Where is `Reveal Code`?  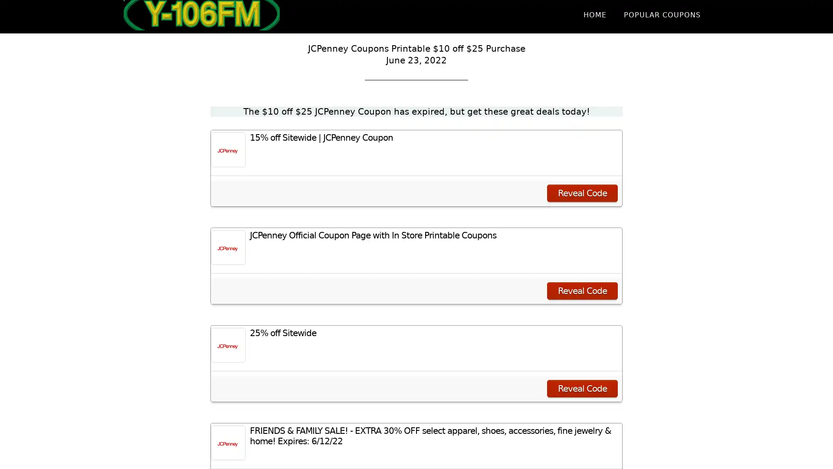
Reveal Code is located at coordinates (582, 192).